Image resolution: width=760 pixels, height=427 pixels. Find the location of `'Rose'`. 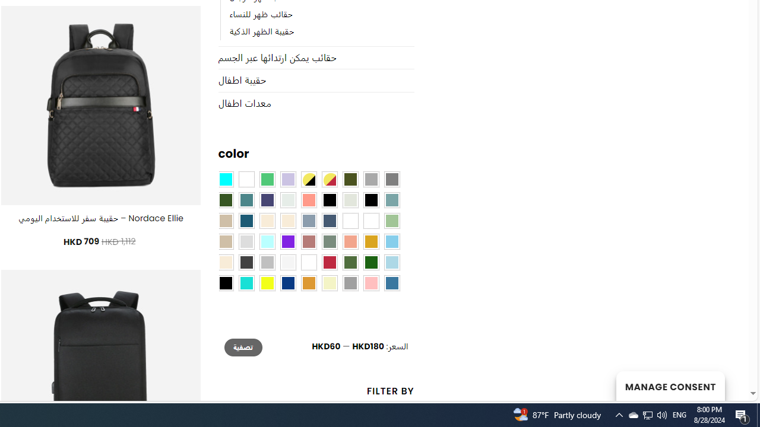

'Rose' is located at coordinates (308, 241).